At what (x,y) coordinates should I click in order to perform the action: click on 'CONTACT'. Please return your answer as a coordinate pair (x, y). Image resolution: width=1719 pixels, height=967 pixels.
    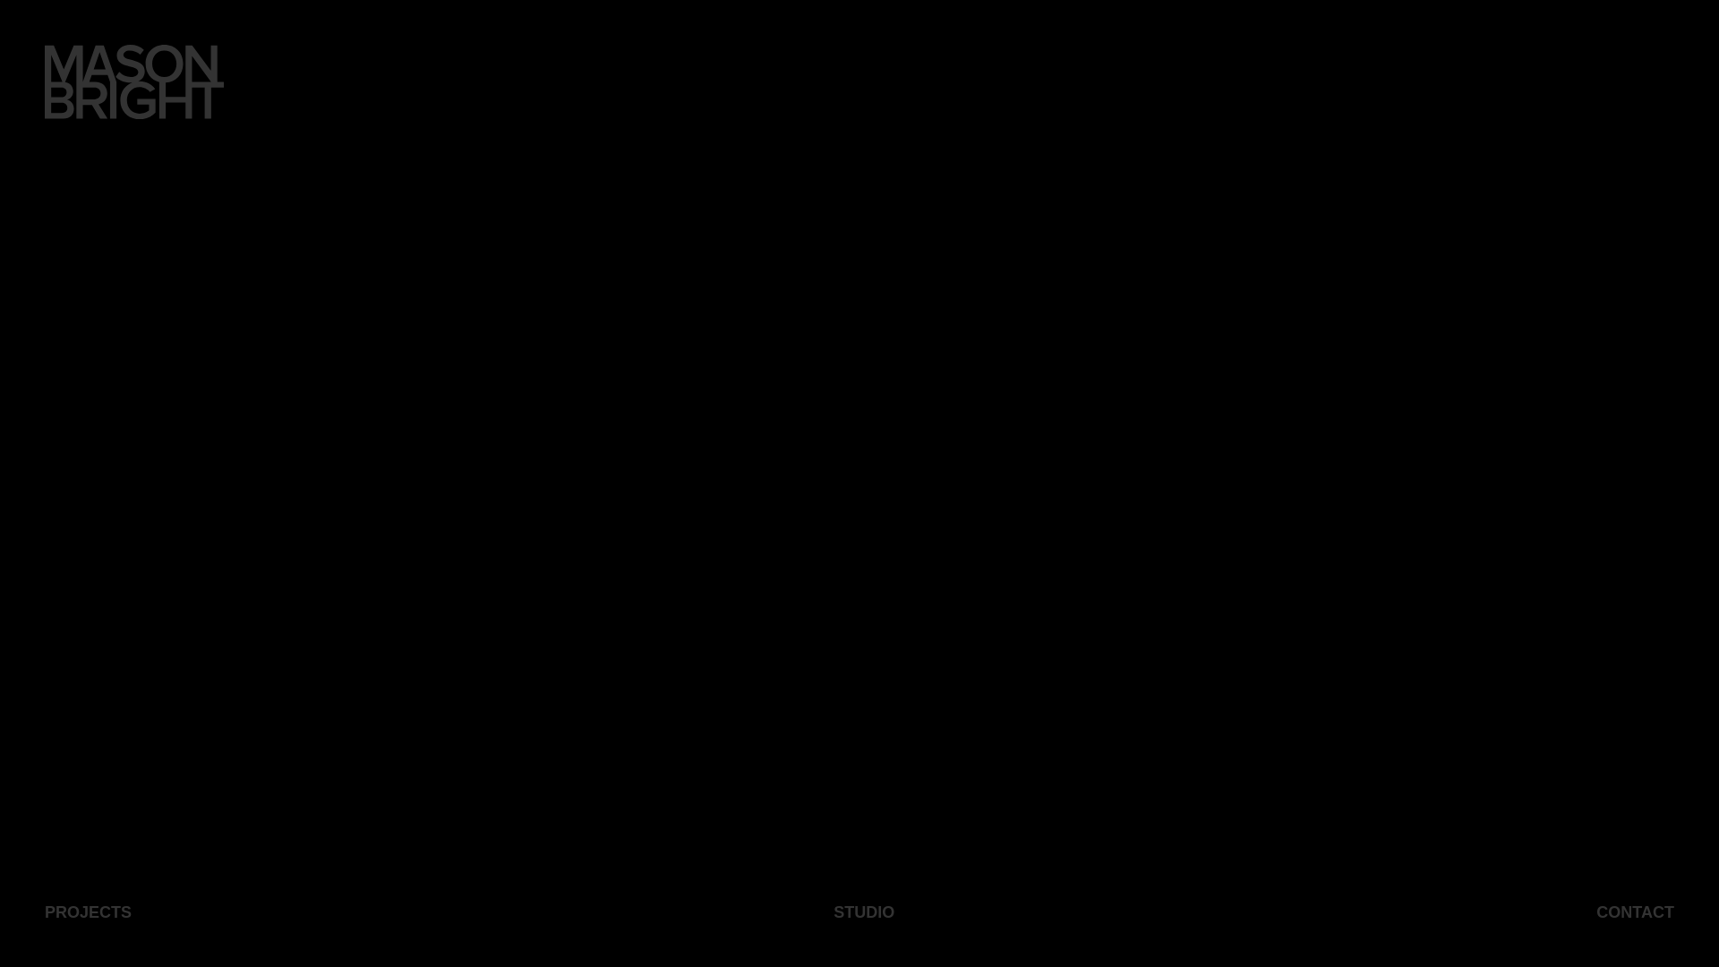
    Looking at the image, I should click on (1635, 911).